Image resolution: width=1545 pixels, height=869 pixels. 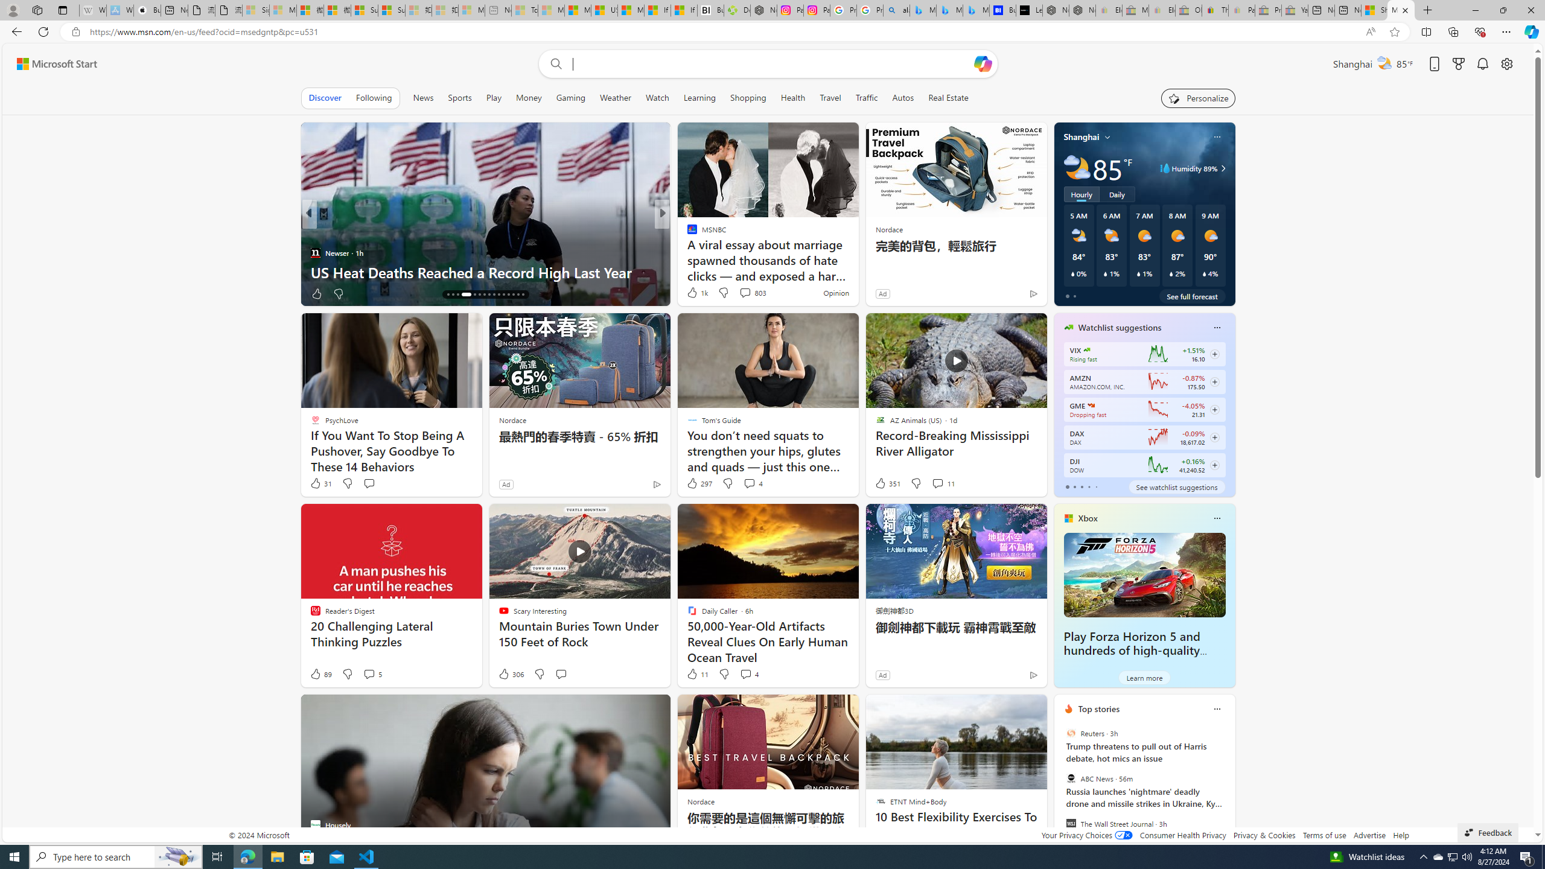 What do you see at coordinates (467, 294) in the screenshot?
I see `'AutomationID: tab-19'` at bounding box center [467, 294].